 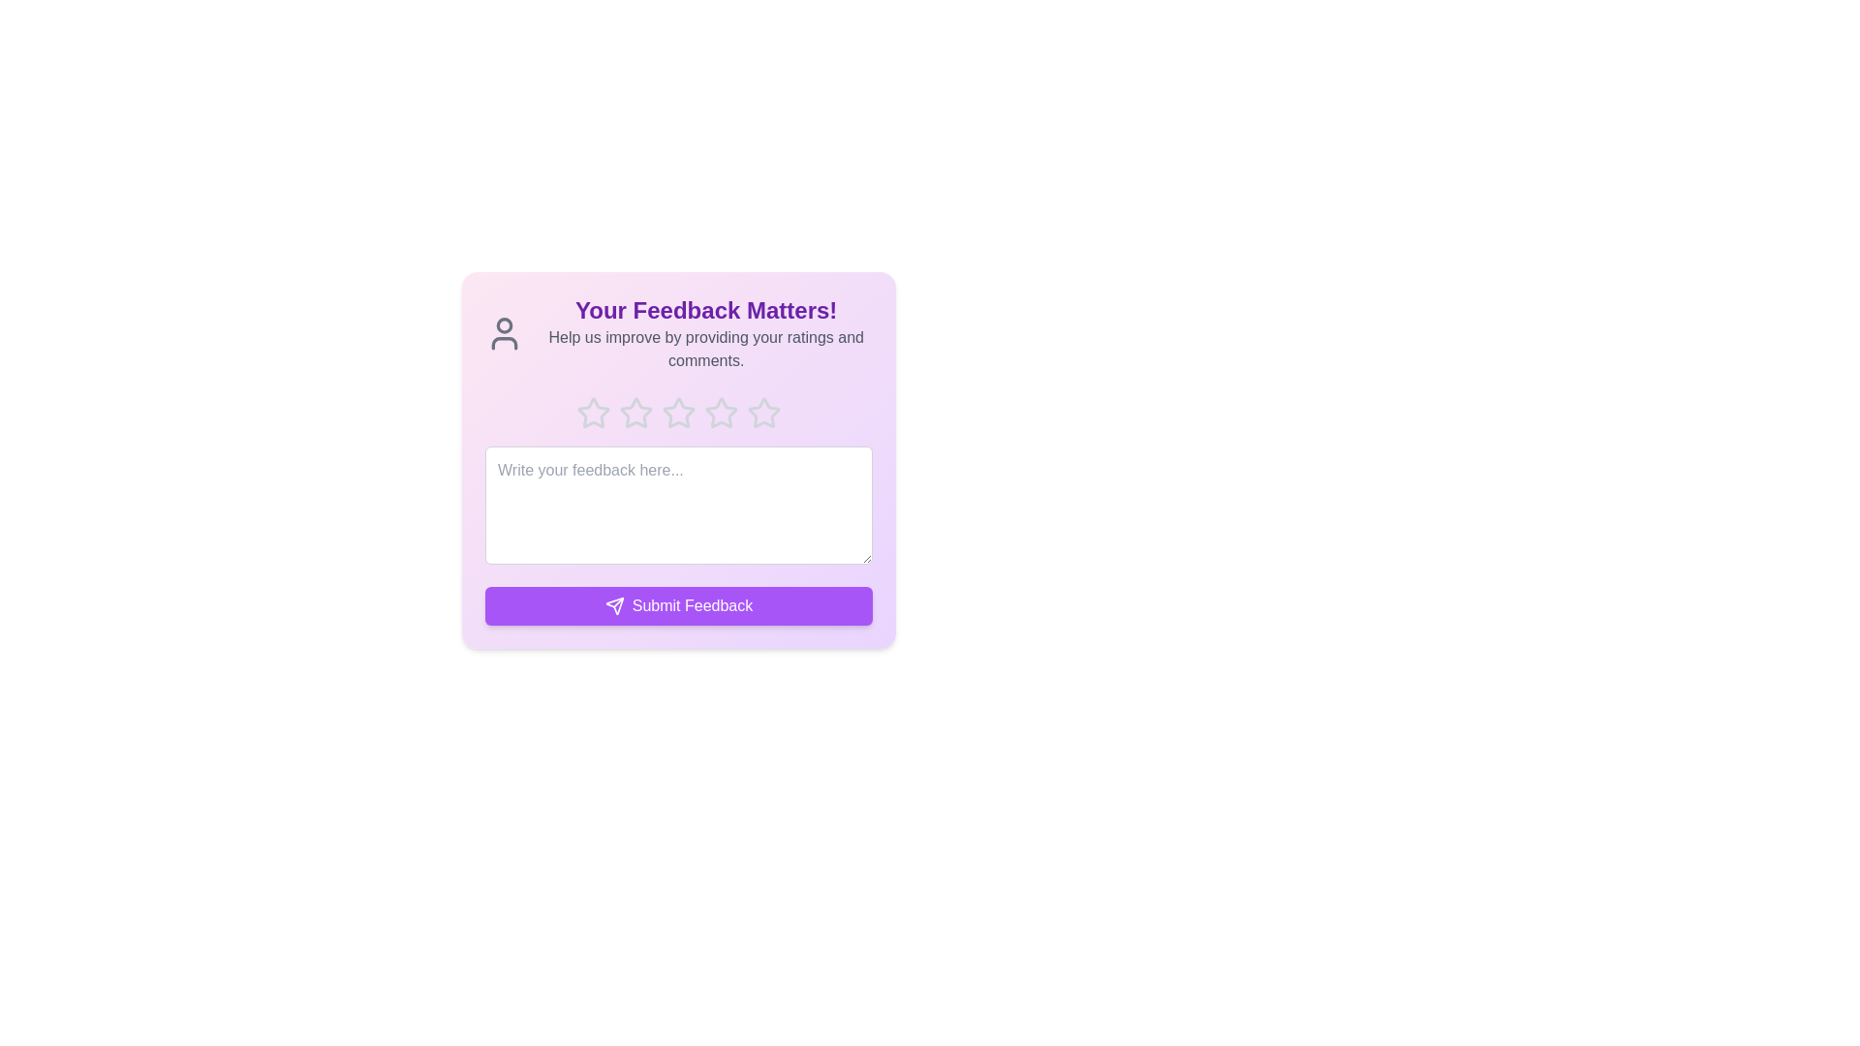 What do you see at coordinates (593, 413) in the screenshot?
I see `the star corresponding to 1 to preview the rating` at bounding box center [593, 413].